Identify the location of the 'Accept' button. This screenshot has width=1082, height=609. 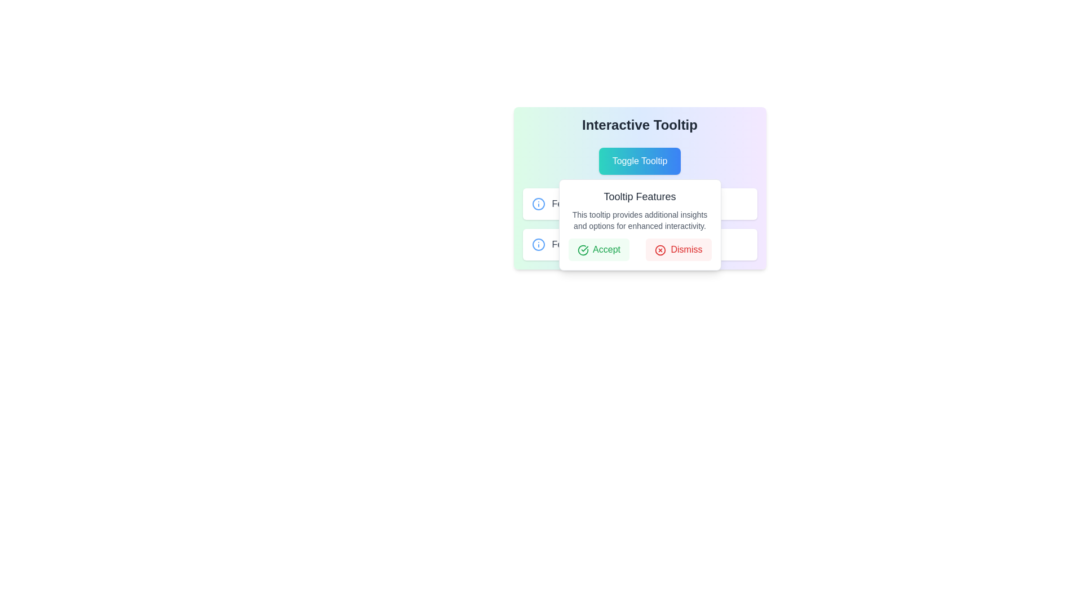
(598, 249).